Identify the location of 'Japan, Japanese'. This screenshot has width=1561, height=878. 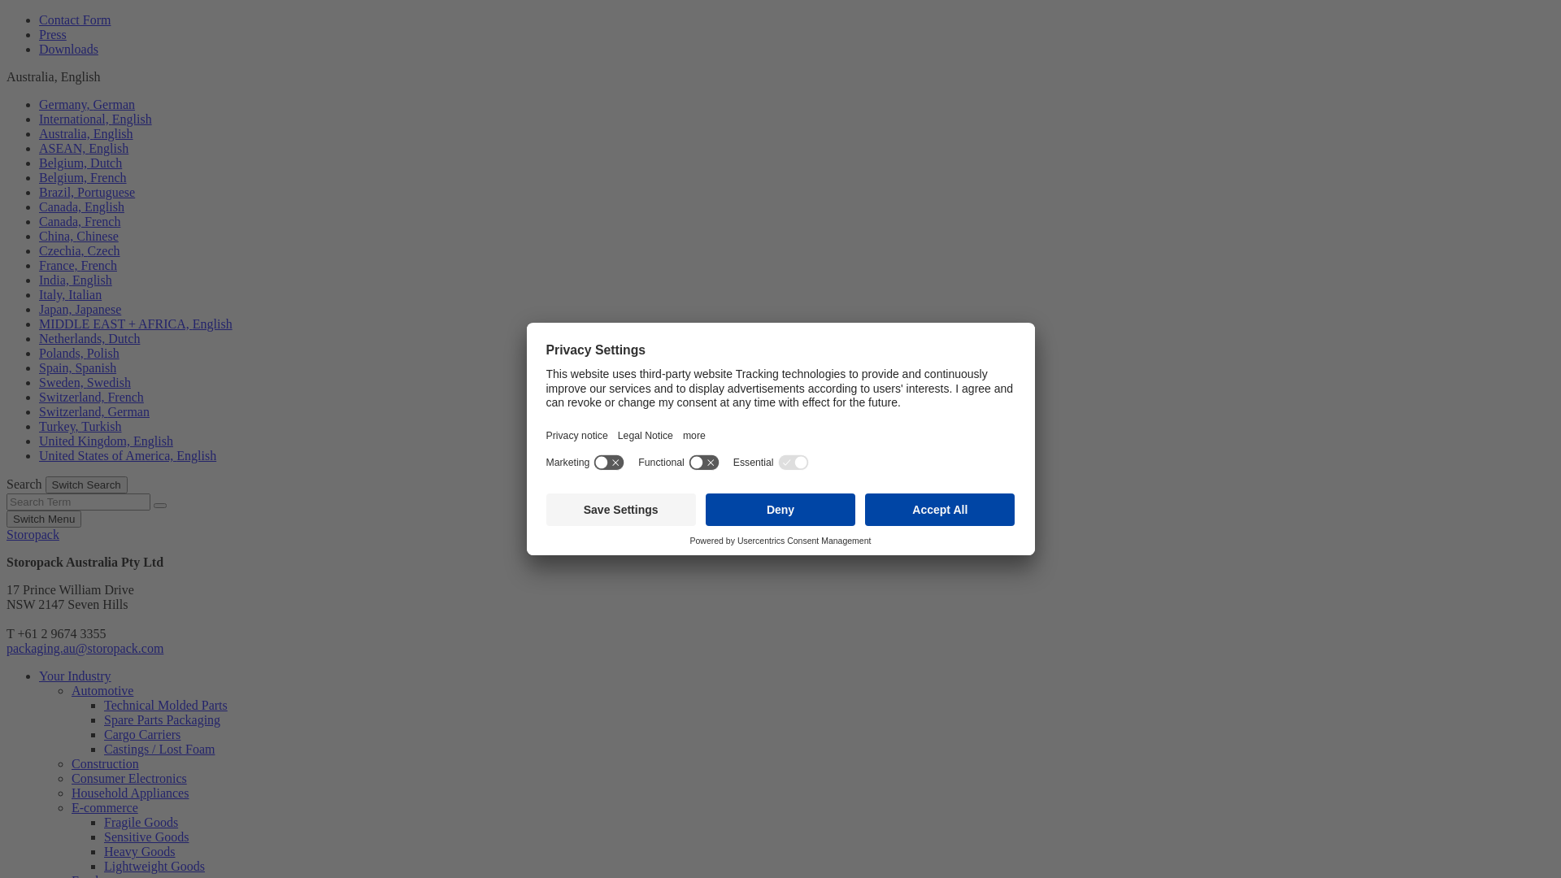
(79, 309).